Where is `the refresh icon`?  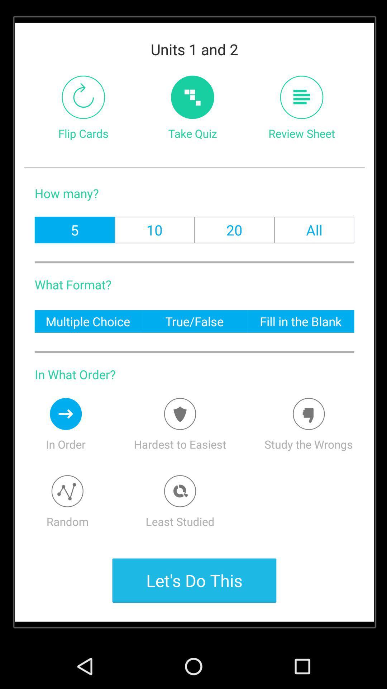 the refresh icon is located at coordinates (83, 104).